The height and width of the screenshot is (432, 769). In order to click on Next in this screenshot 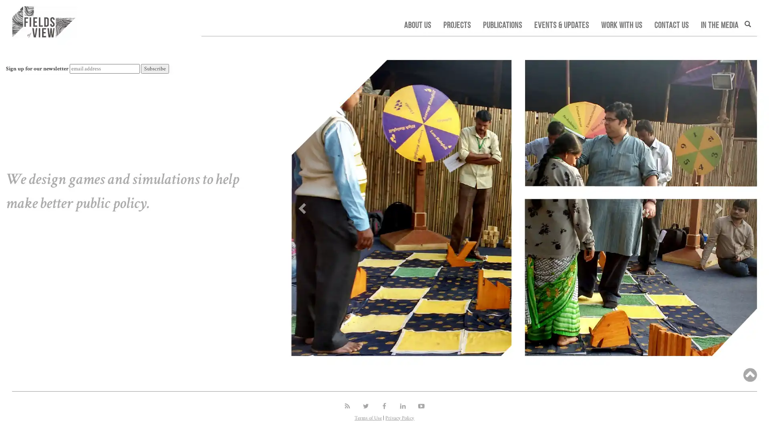, I will do `click(719, 205)`.